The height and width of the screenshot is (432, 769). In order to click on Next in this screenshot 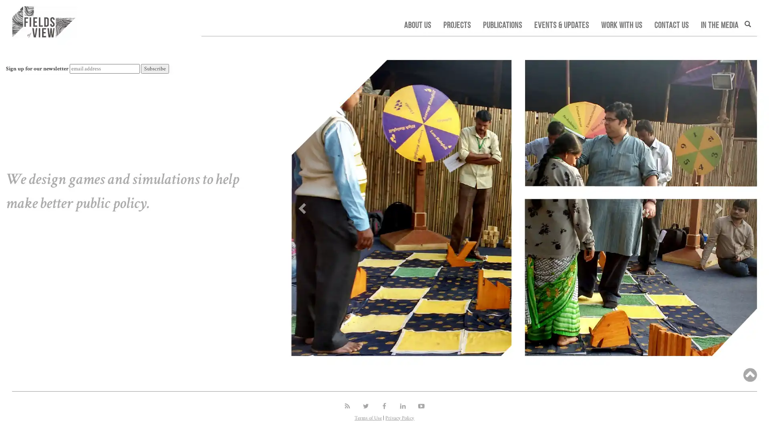, I will do `click(719, 205)`.